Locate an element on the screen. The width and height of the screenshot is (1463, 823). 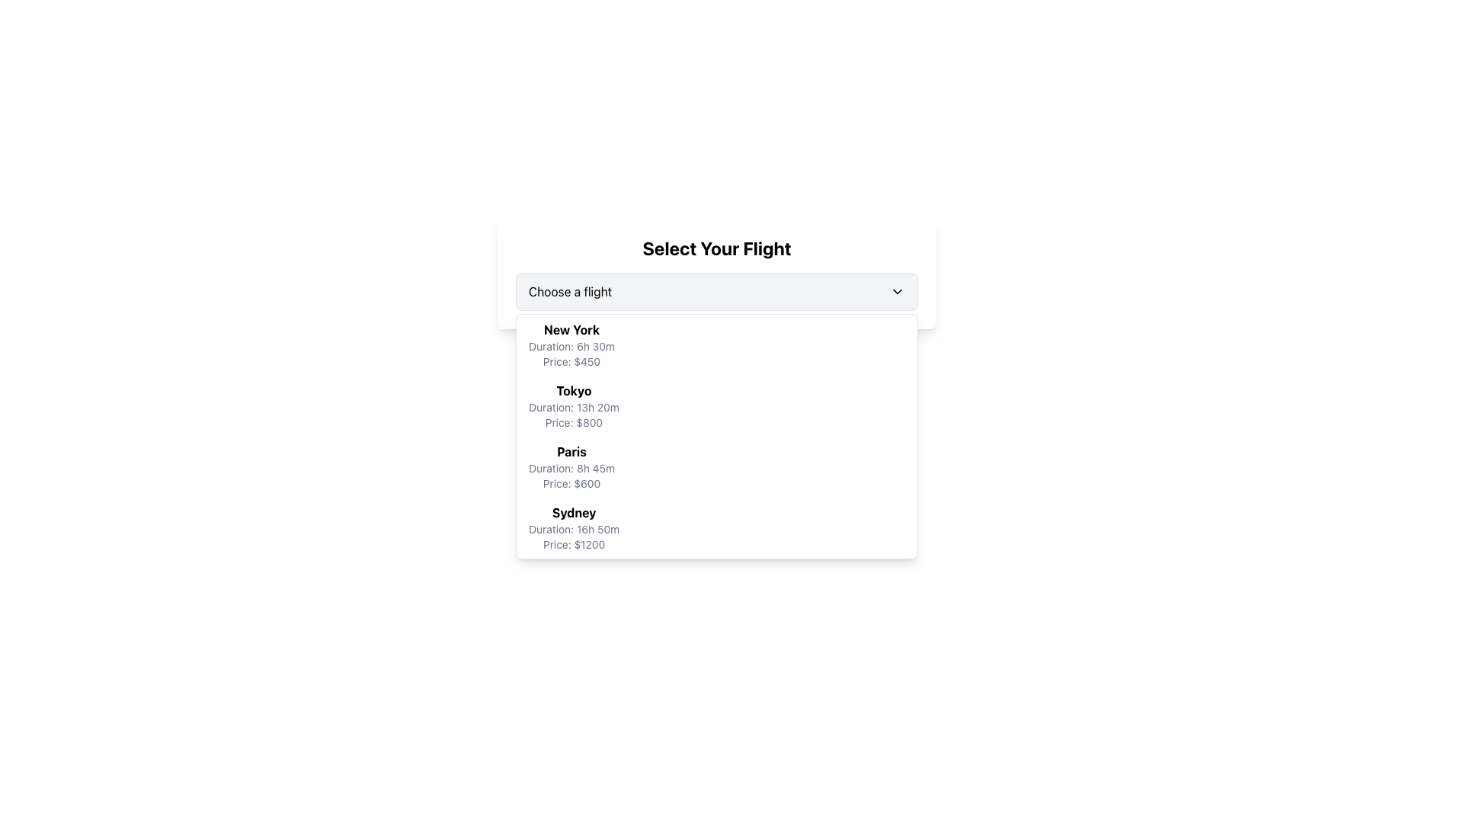
price information displayed in the text label showing 'Price: $450' under the flight duration in the dropdown list for the 'New York' flight option is located at coordinates (571, 361).